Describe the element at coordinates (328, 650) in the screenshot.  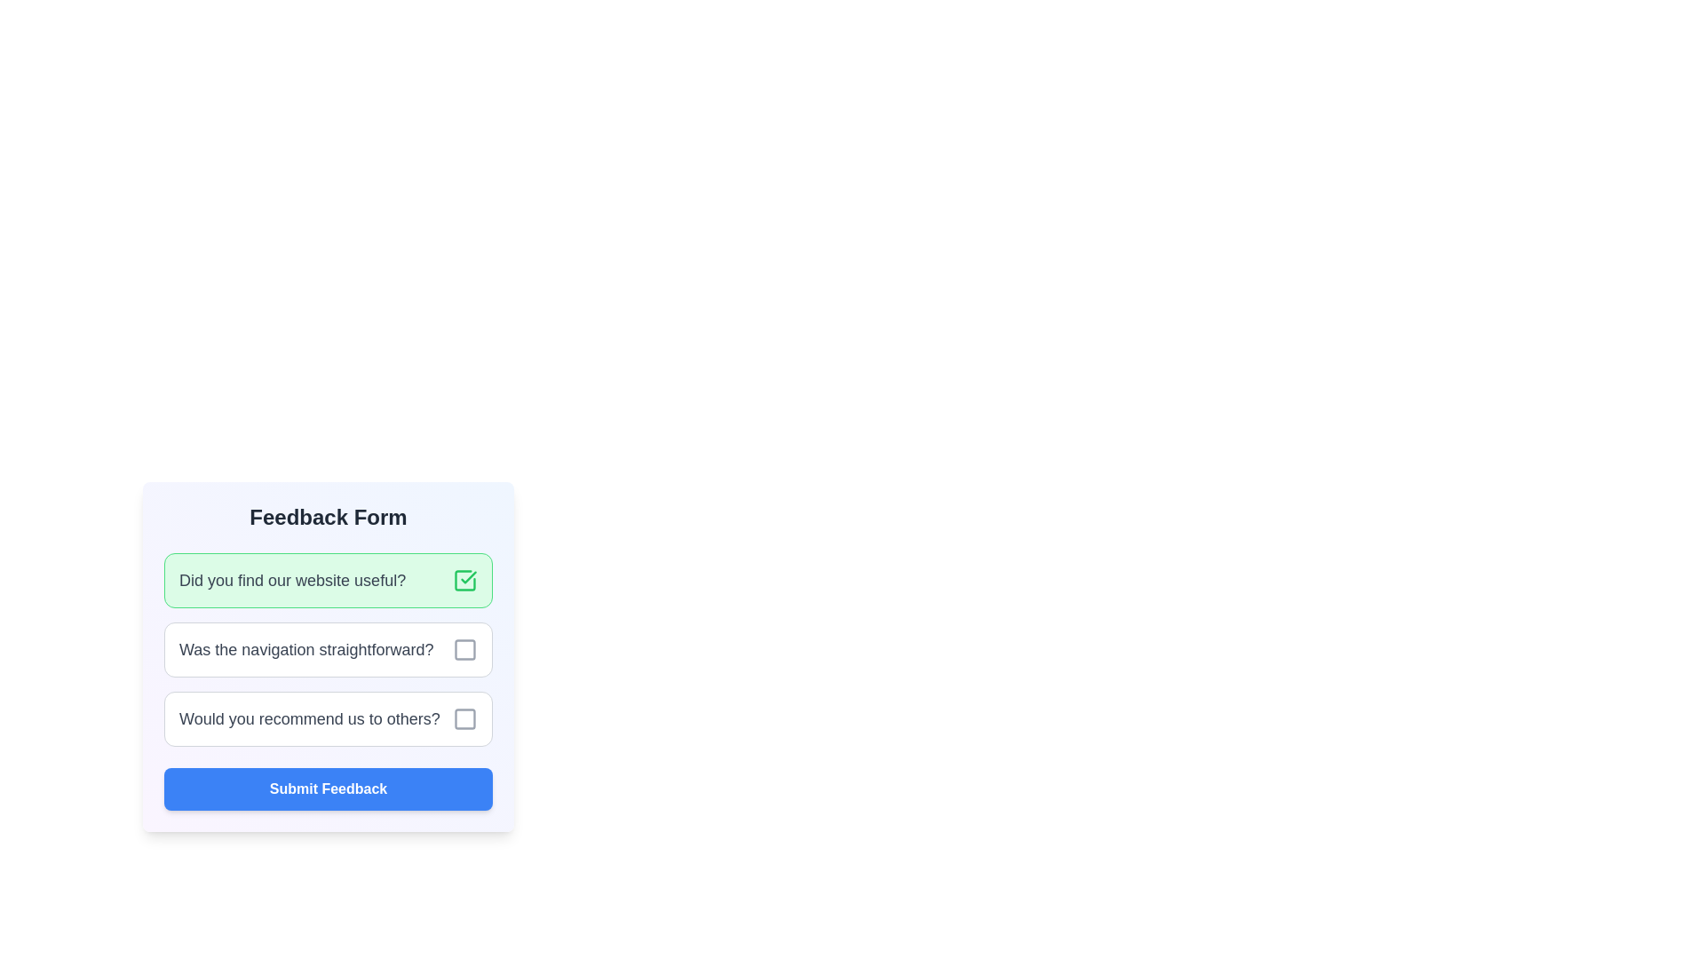
I see `the feedback question Was the navigation straightforward? to view the hover effect` at that location.